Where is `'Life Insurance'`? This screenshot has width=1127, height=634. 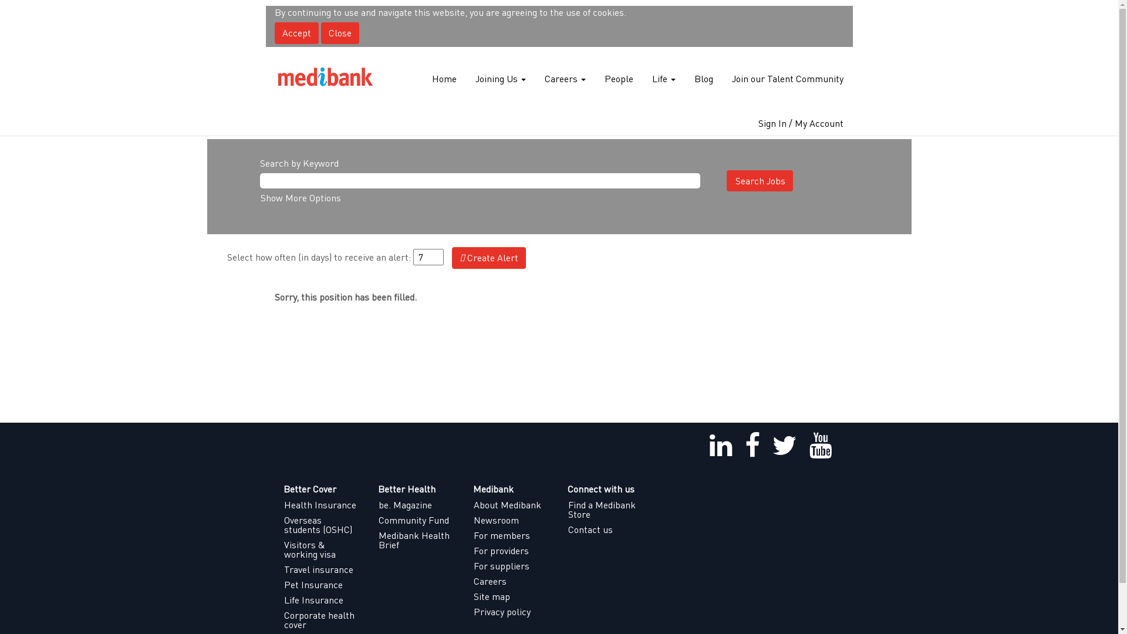 'Life Insurance' is located at coordinates (282, 600).